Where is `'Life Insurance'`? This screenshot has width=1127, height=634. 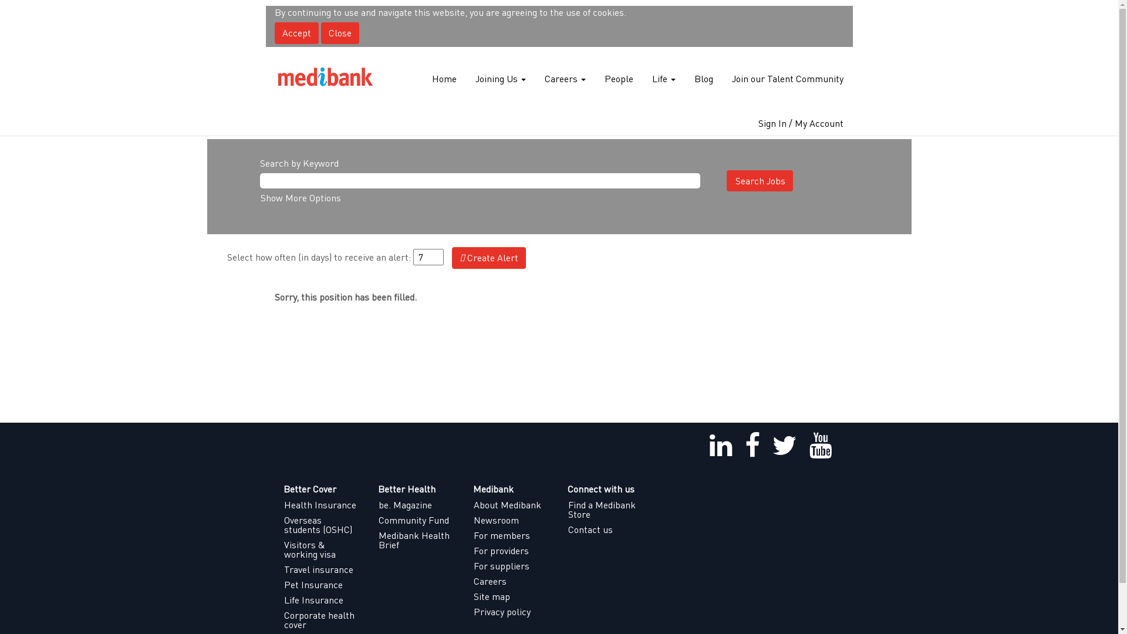 'Life Insurance' is located at coordinates (282, 600).